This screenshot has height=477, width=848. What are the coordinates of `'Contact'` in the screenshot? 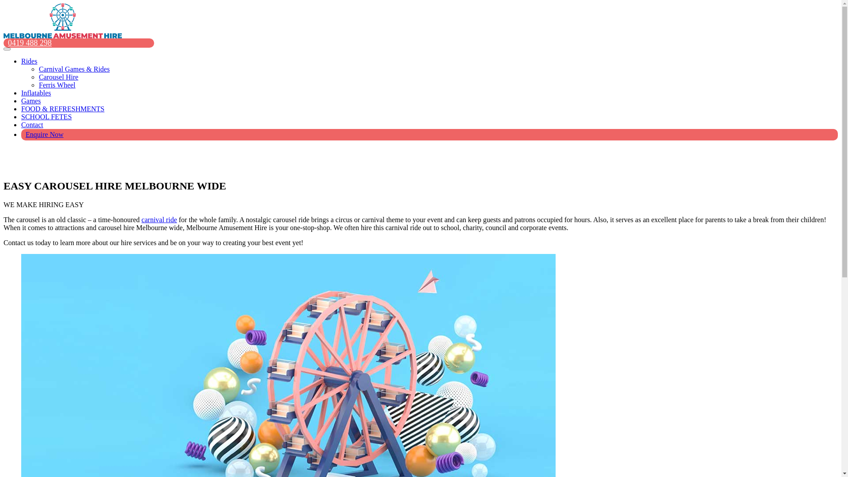 It's located at (21, 125).